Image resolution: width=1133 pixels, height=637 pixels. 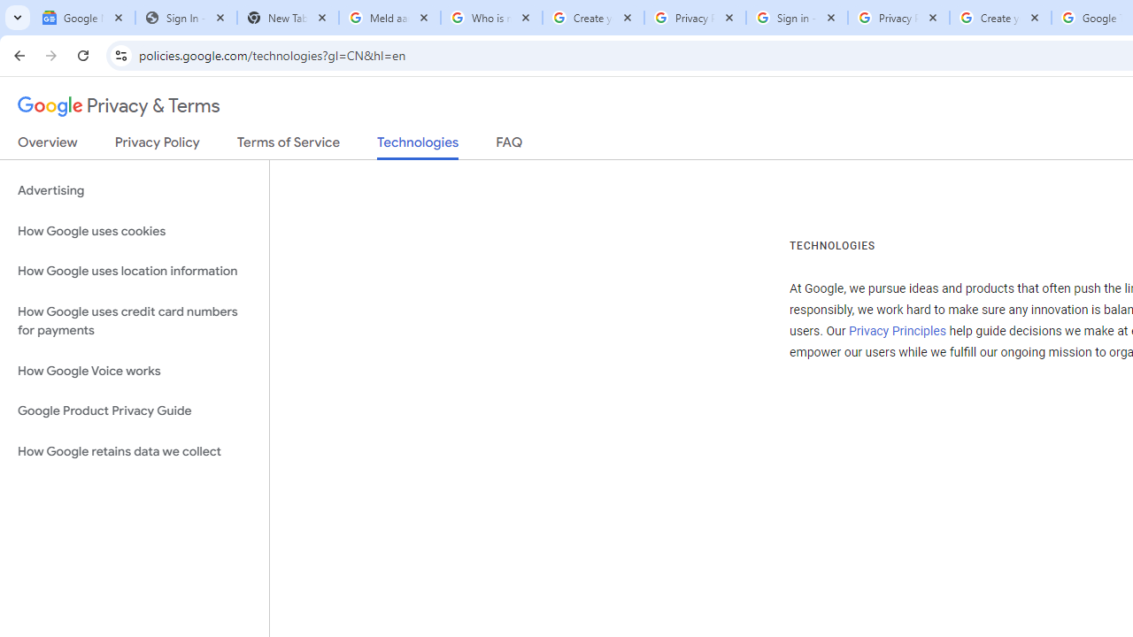 What do you see at coordinates (119, 106) in the screenshot?
I see `'Privacy & Terms'` at bounding box center [119, 106].